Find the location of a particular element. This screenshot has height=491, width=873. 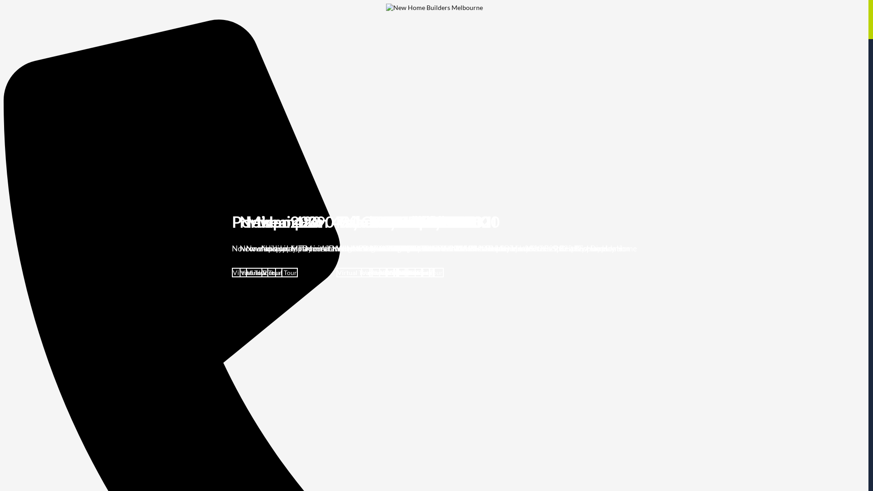

'Virtual Tour' is located at coordinates (415, 272).